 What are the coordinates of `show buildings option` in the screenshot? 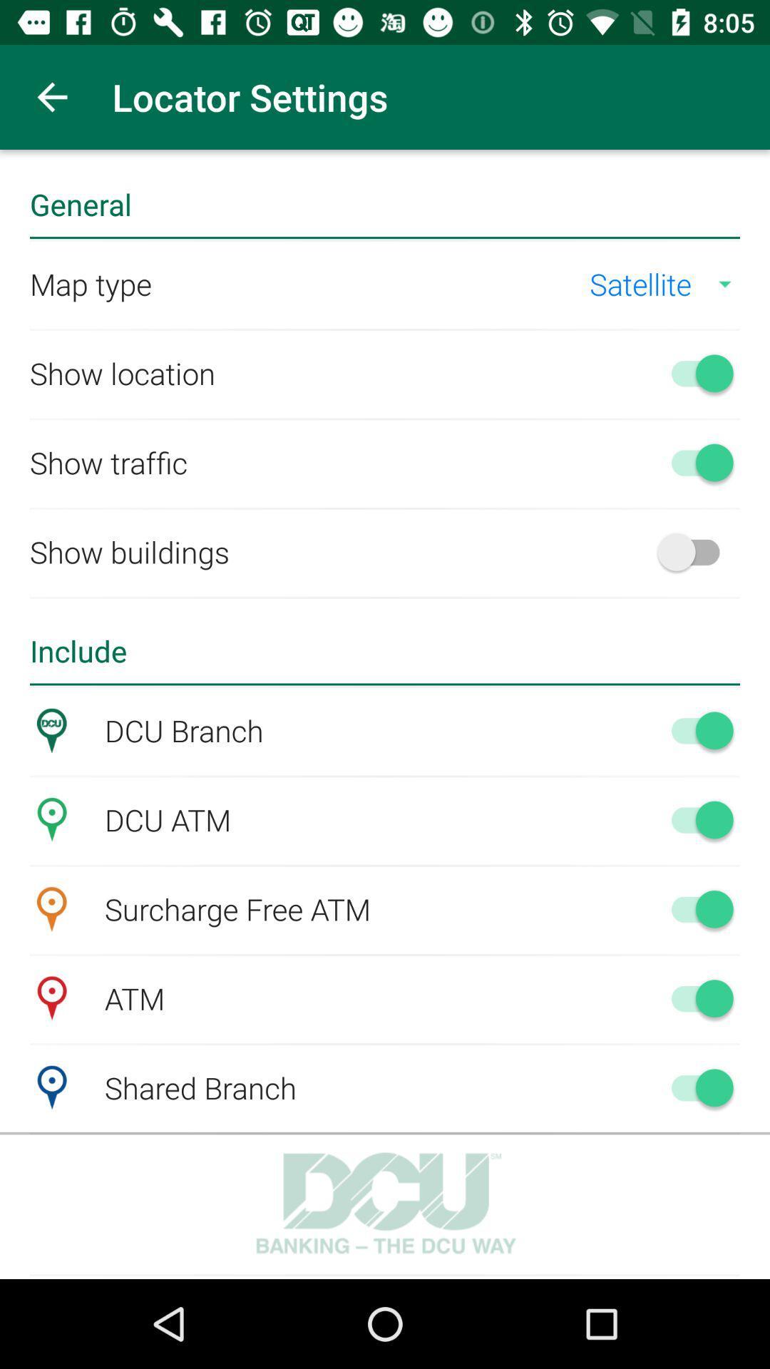 It's located at (694, 550).